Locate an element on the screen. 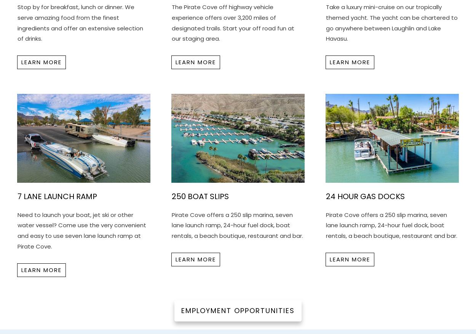  'Need to launch your boat, jet ski or other water vessel? Come use the very convenient and easy to use seven lane launch ramp at Pirate Cove.' is located at coordinates (81, 230).